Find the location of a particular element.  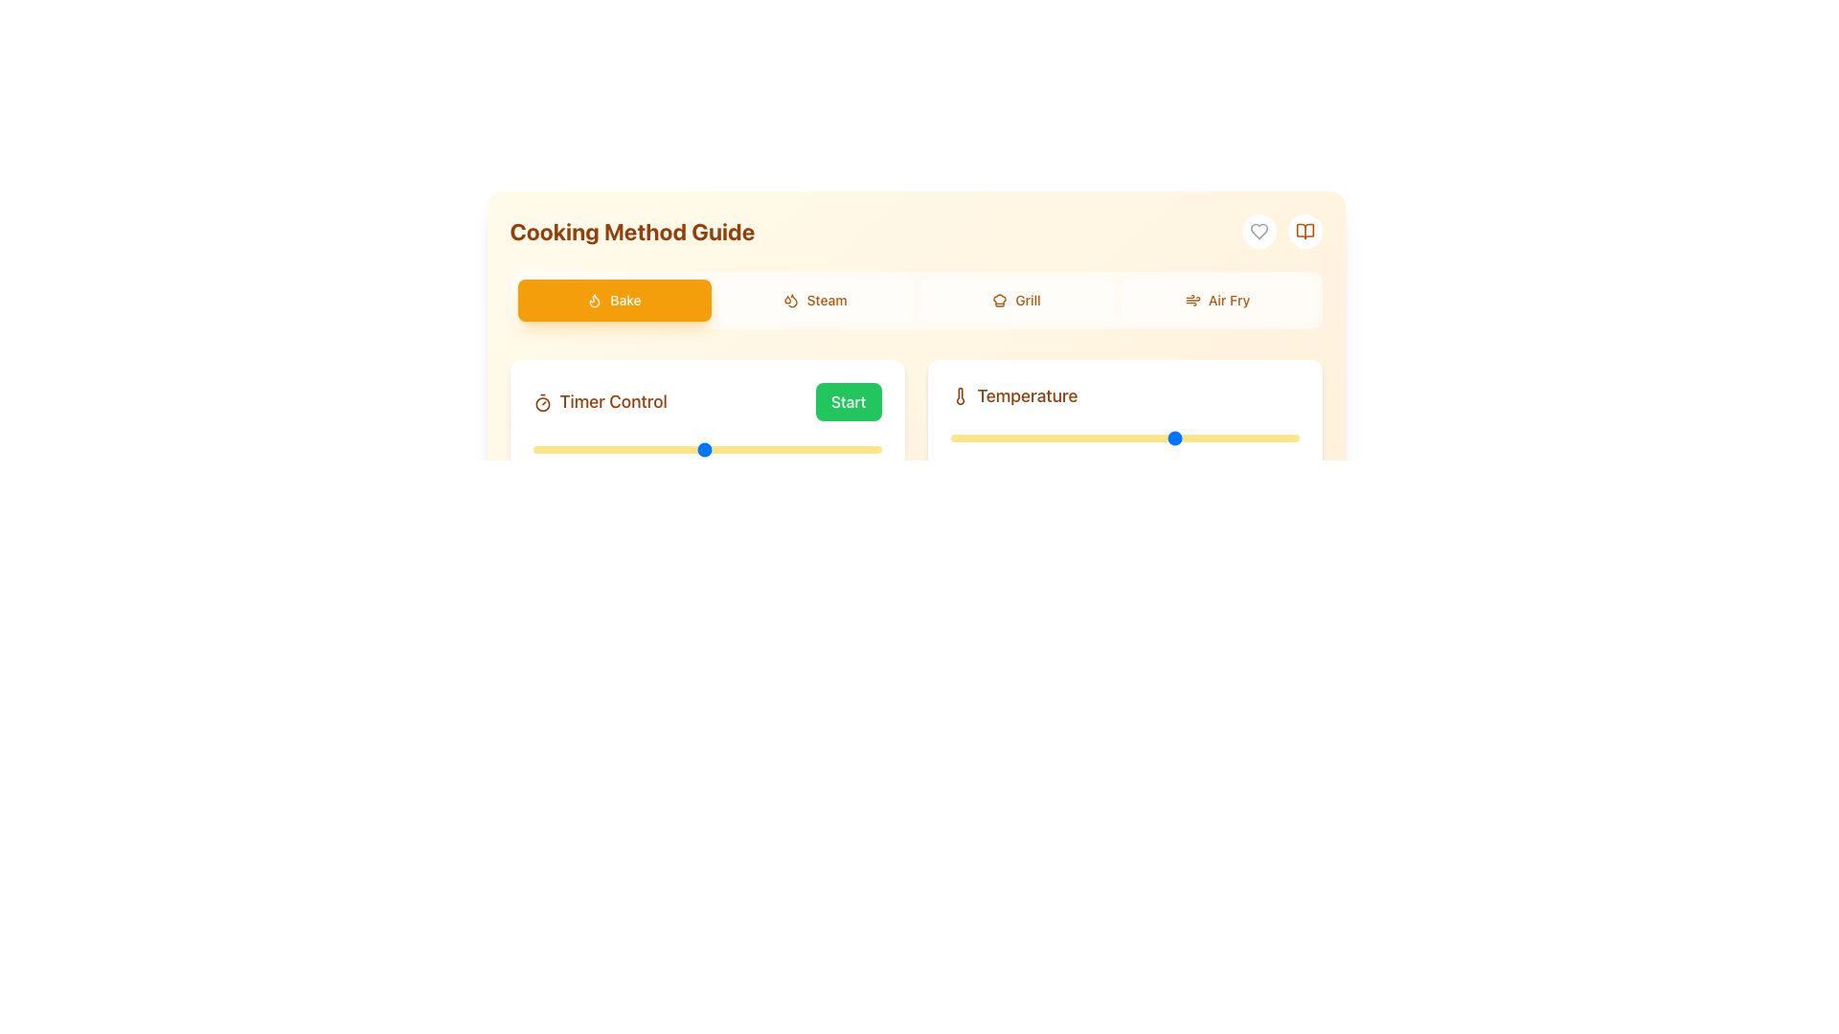

the visual appearance of the flame icon representing the 'Steam' cooking method, which is located second from the left in the row of cooking method options is located at coordinates (594, 301).